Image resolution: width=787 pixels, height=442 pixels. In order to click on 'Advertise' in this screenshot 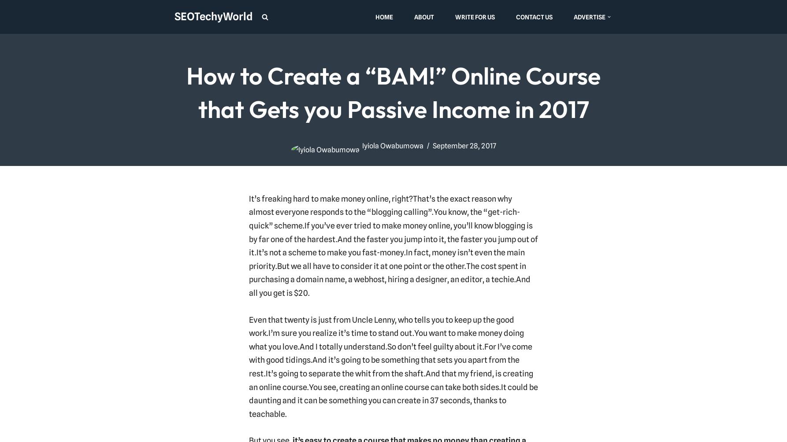, I will do `click(573, 16)`.